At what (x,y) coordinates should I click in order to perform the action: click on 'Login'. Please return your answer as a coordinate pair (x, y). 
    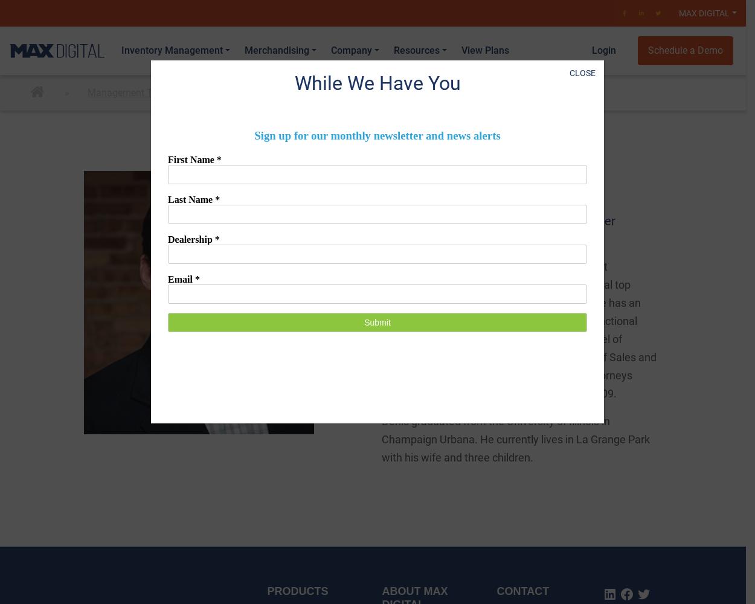
    Looking at the image, I should click on (591, 50).